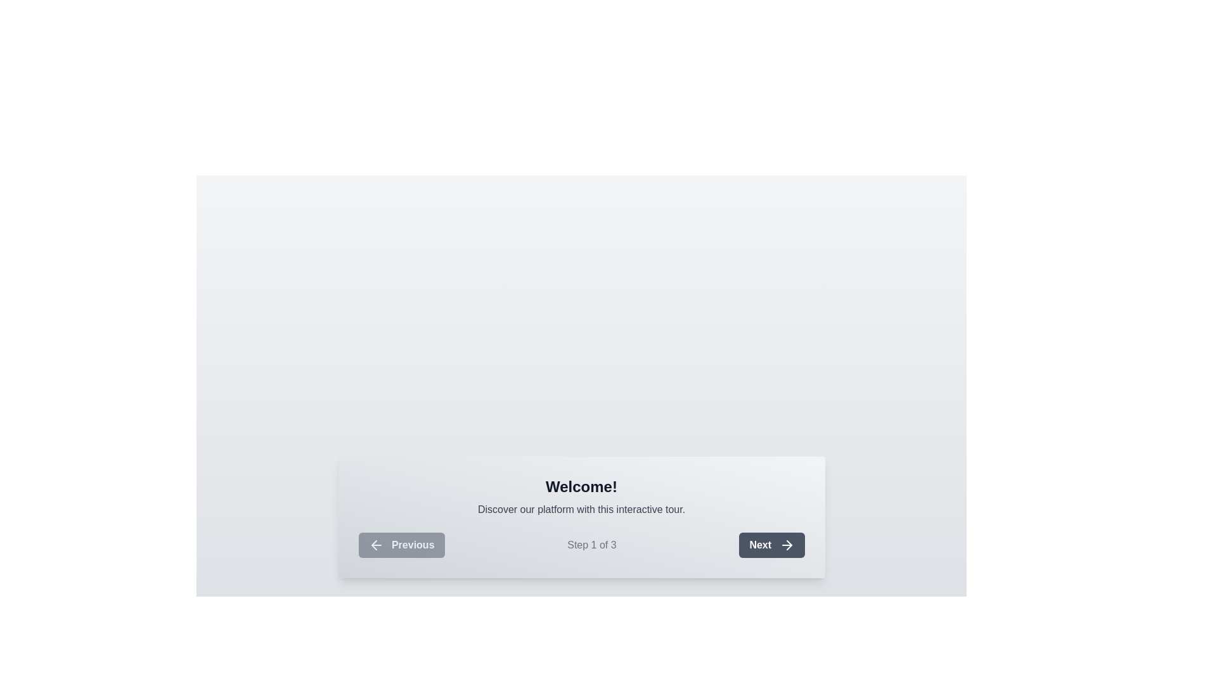 The height and width of the screenshot is (684, 1217). What do you see at coordinates (786, 545) in the screenshot?
I see `the visual indicator icon for the 'Next' button located at the bottom-right corner of the modal interface` at bounding box center [786, 545].